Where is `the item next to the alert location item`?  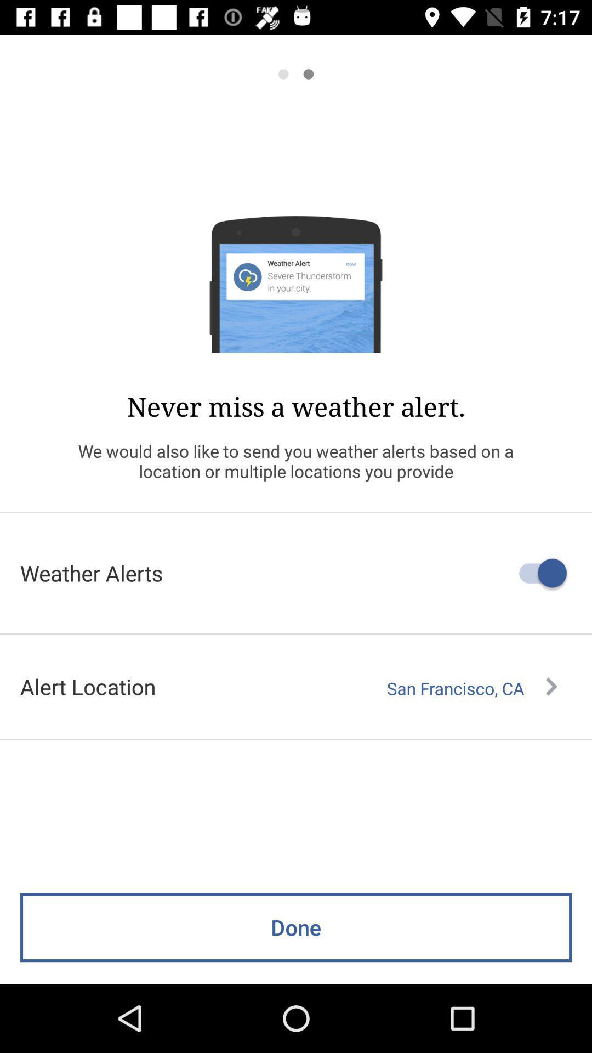
the item next to the alert location item is located at coordinates (471, 688).